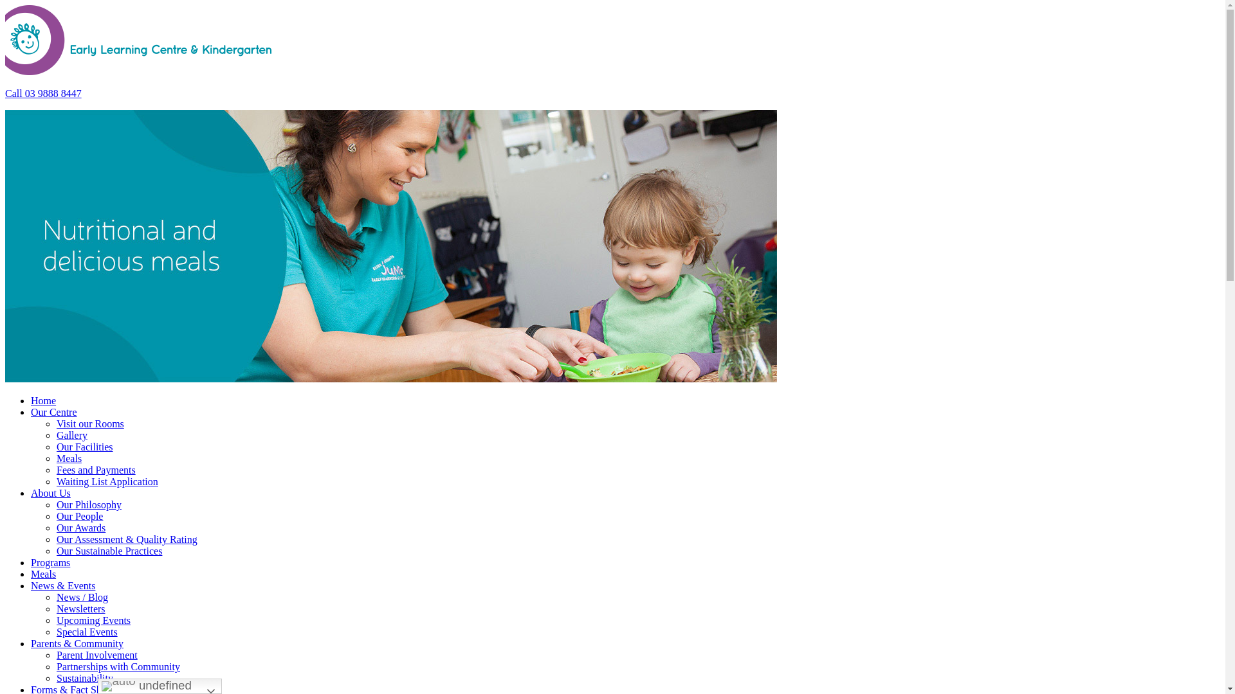 The image size is (1235, 694). What do you see at coordinates (43, 573) in the screenshot?
I see `'Meals'` at bounding box center [43, 573].